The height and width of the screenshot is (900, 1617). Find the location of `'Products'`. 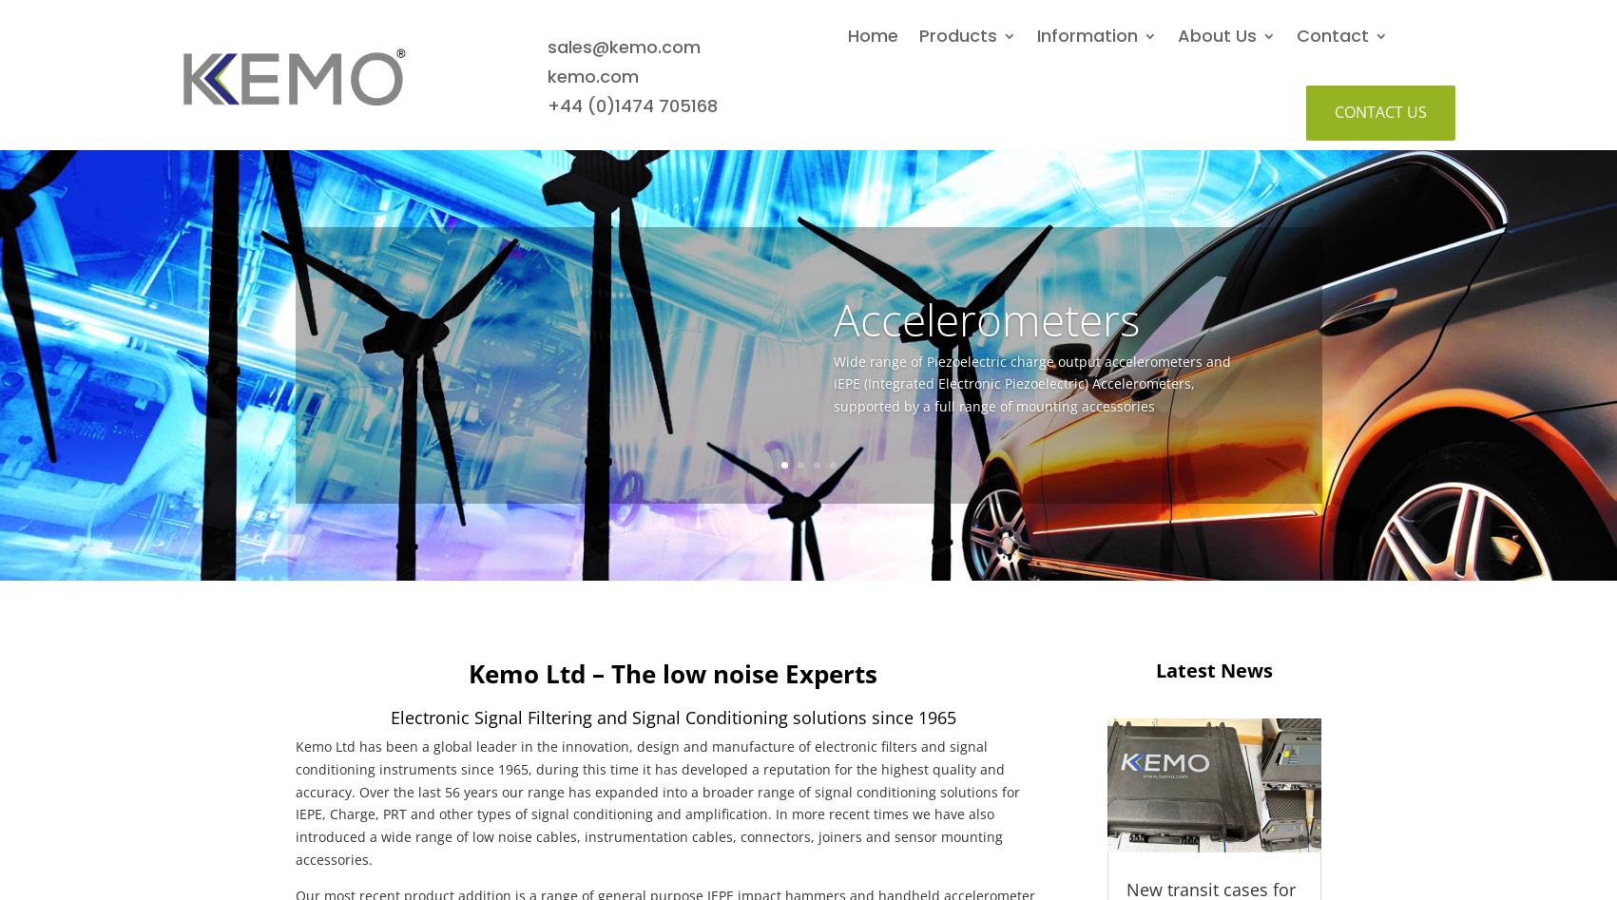

'Products' is located at coordinates (956, 35).